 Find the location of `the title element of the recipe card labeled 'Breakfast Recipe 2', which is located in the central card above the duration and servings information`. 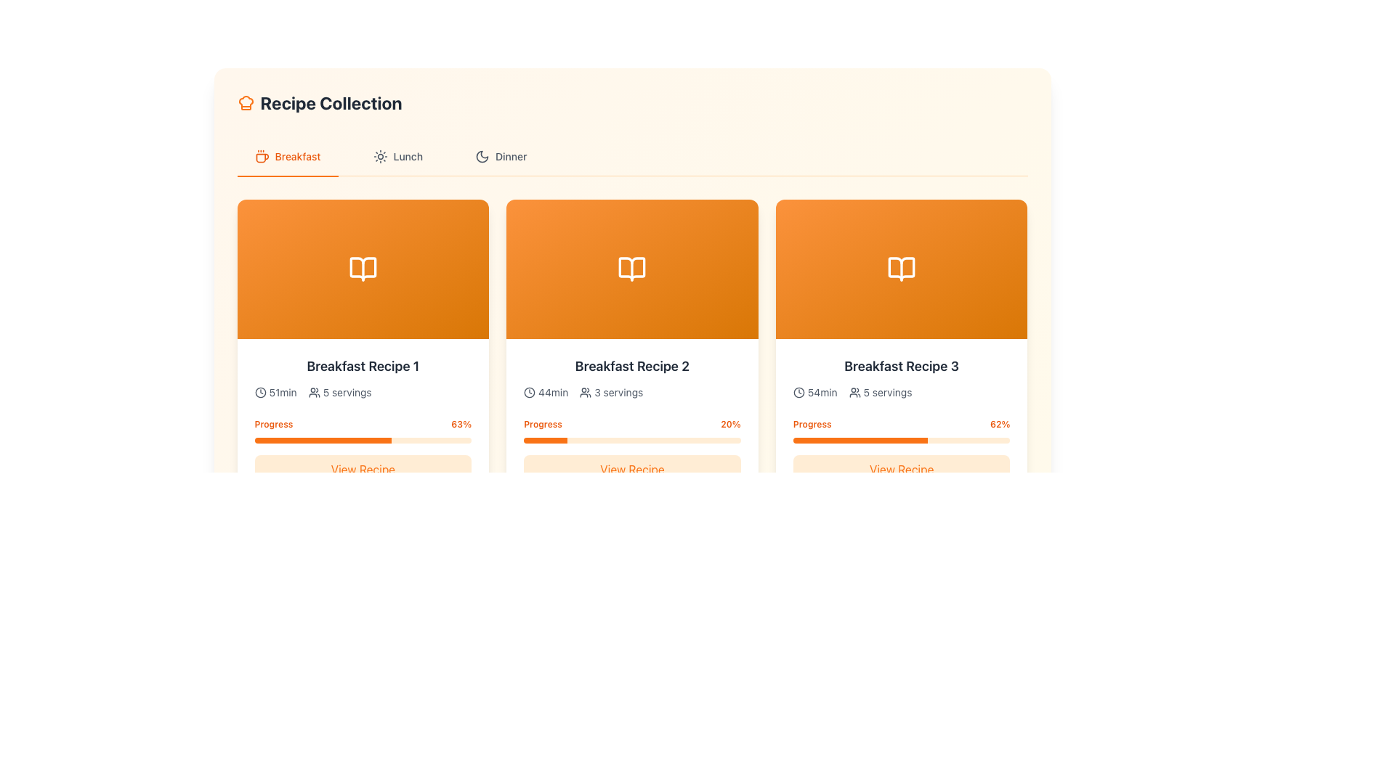

the title element of the recipe card labeled 'Breakfast Recipe 2', which is located in the central card above the duration and servings information is located at coordinates (632, 366).